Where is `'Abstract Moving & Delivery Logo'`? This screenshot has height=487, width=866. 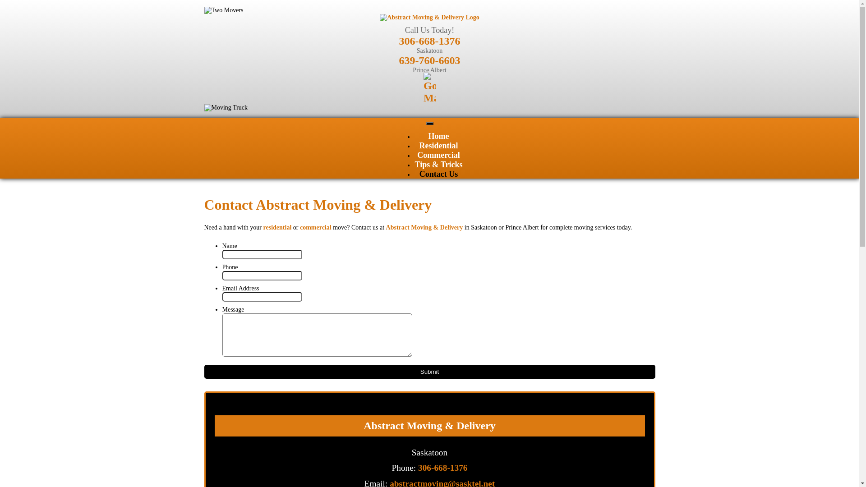 'Abstract Moving & Delivery Logo' is located at coordinates (429, 17).